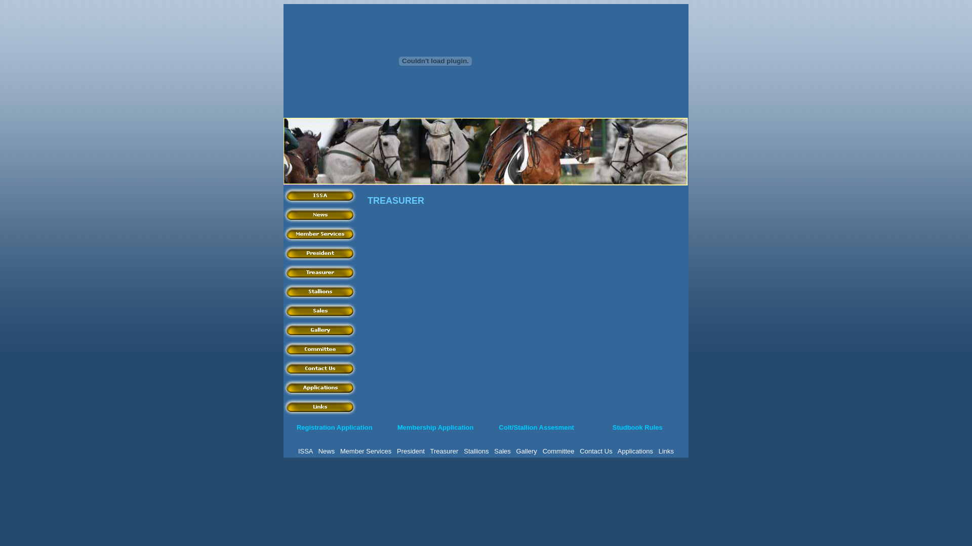  I want to click on 'Committee', so click(558, 450).